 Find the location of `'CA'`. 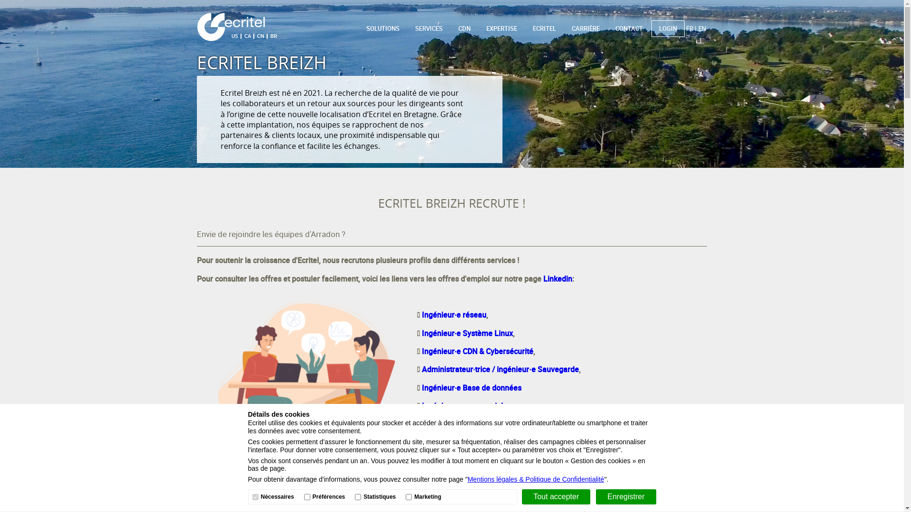

'CA' is located at coordinates (248, 36).